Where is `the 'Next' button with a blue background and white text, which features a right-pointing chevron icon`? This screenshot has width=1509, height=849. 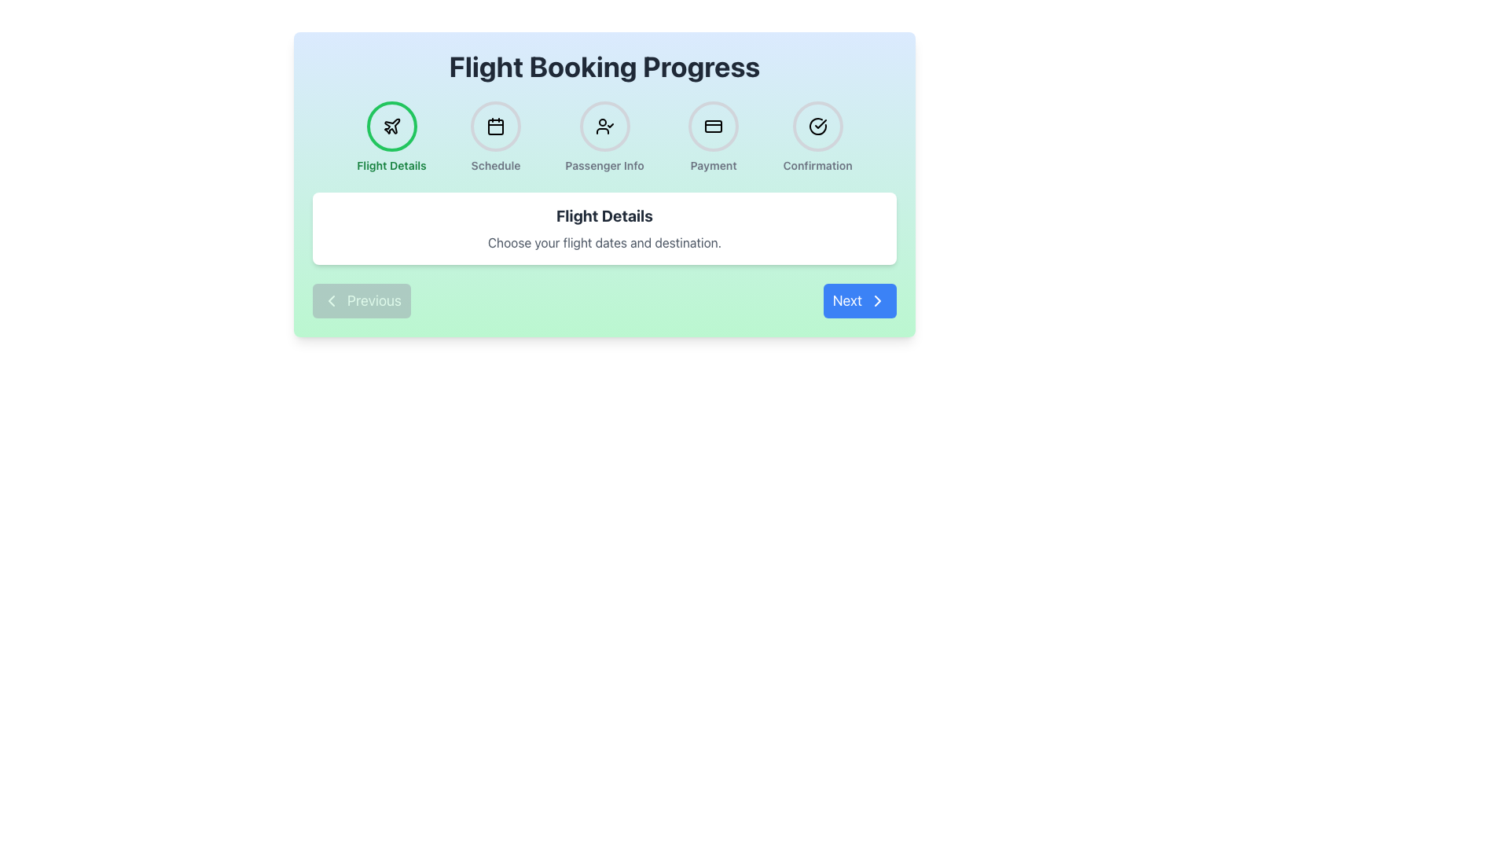
the 'Next' button with a blue background and white text, which features a right-pointing chevron icon is located at coordinates (859, 300).